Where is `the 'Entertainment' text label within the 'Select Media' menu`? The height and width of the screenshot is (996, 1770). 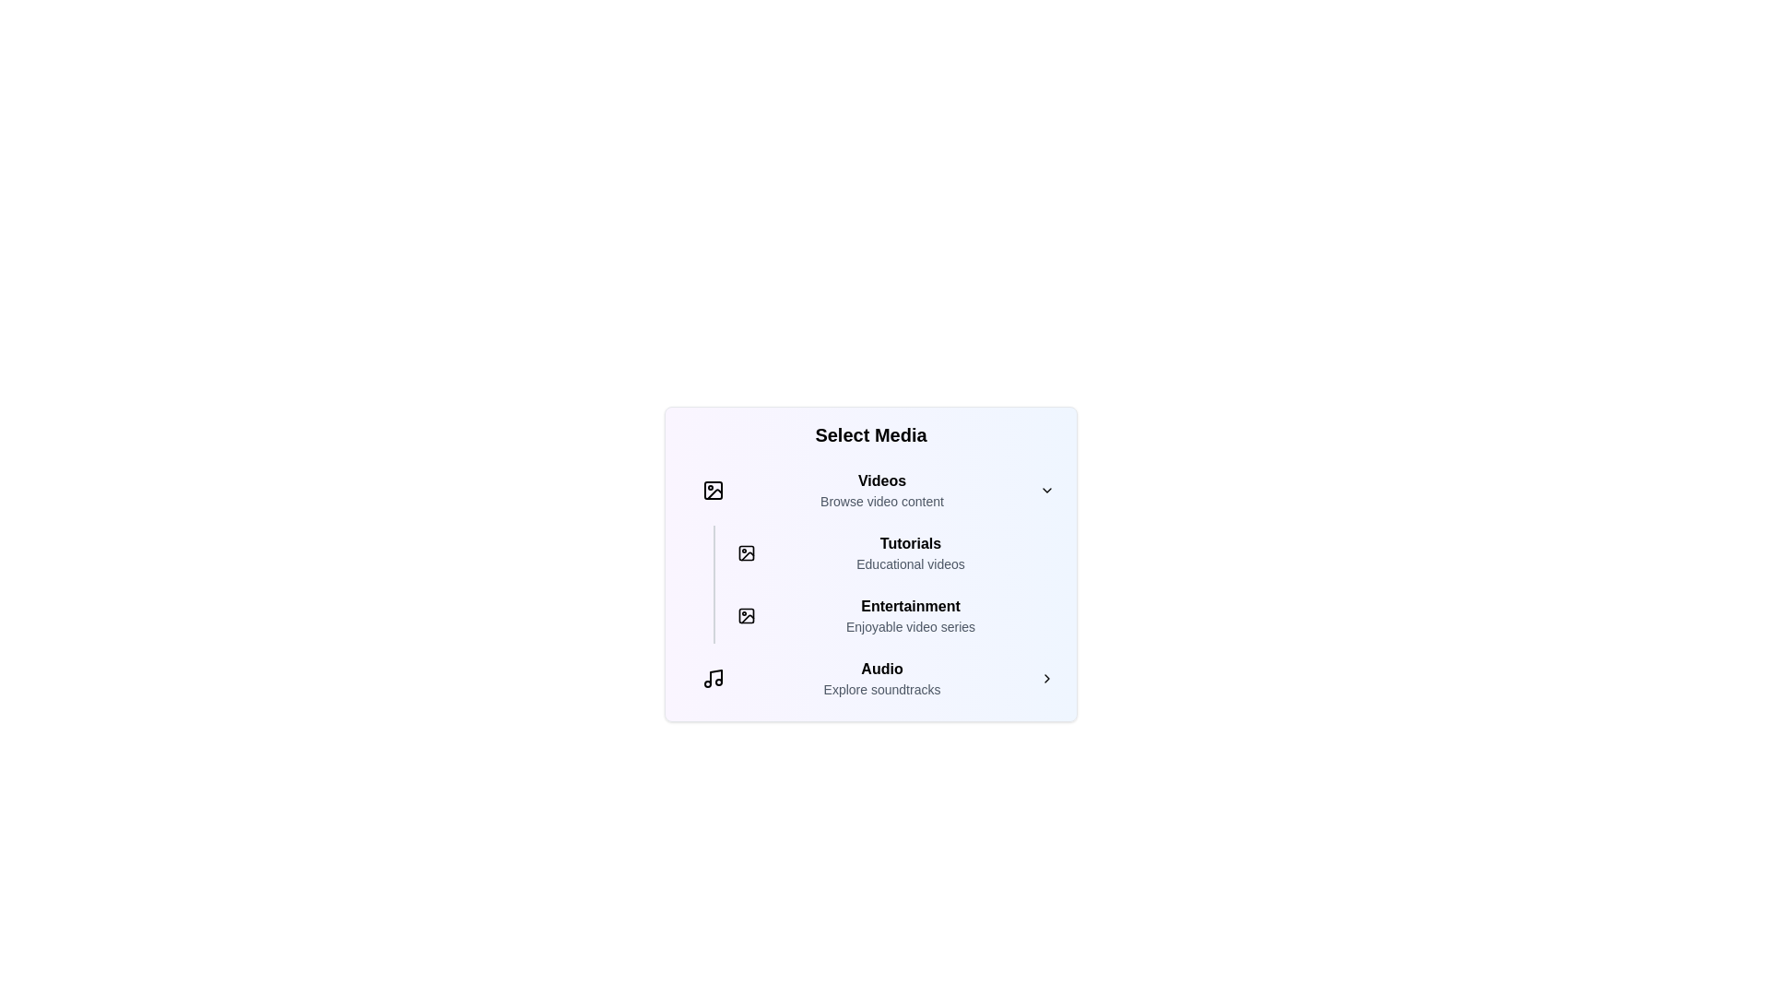 the 'Entertainment' text label within the 'Select Media' menu is located at coordinates (911, 607).